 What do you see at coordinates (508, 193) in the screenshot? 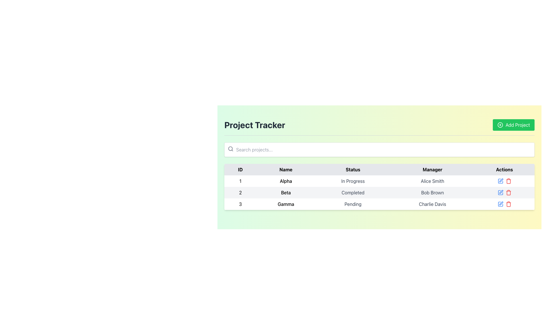
I see `the trash icon in the Actions column for the entry 'Beta' managed by 'Bob Brown', which is visually represented as a rectangular shape with curved edges` at bounding box center [508, 193].